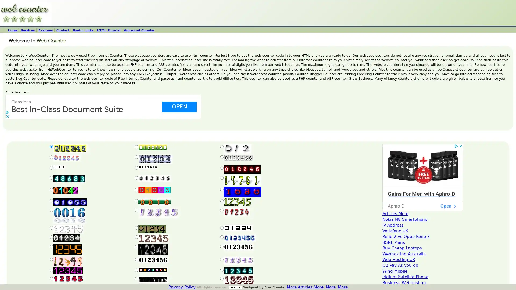 The height and width of the screenshot is (290, 516). Describe the element at coordinates (70, 148) in the screenshot. I see `Submit` at that location.